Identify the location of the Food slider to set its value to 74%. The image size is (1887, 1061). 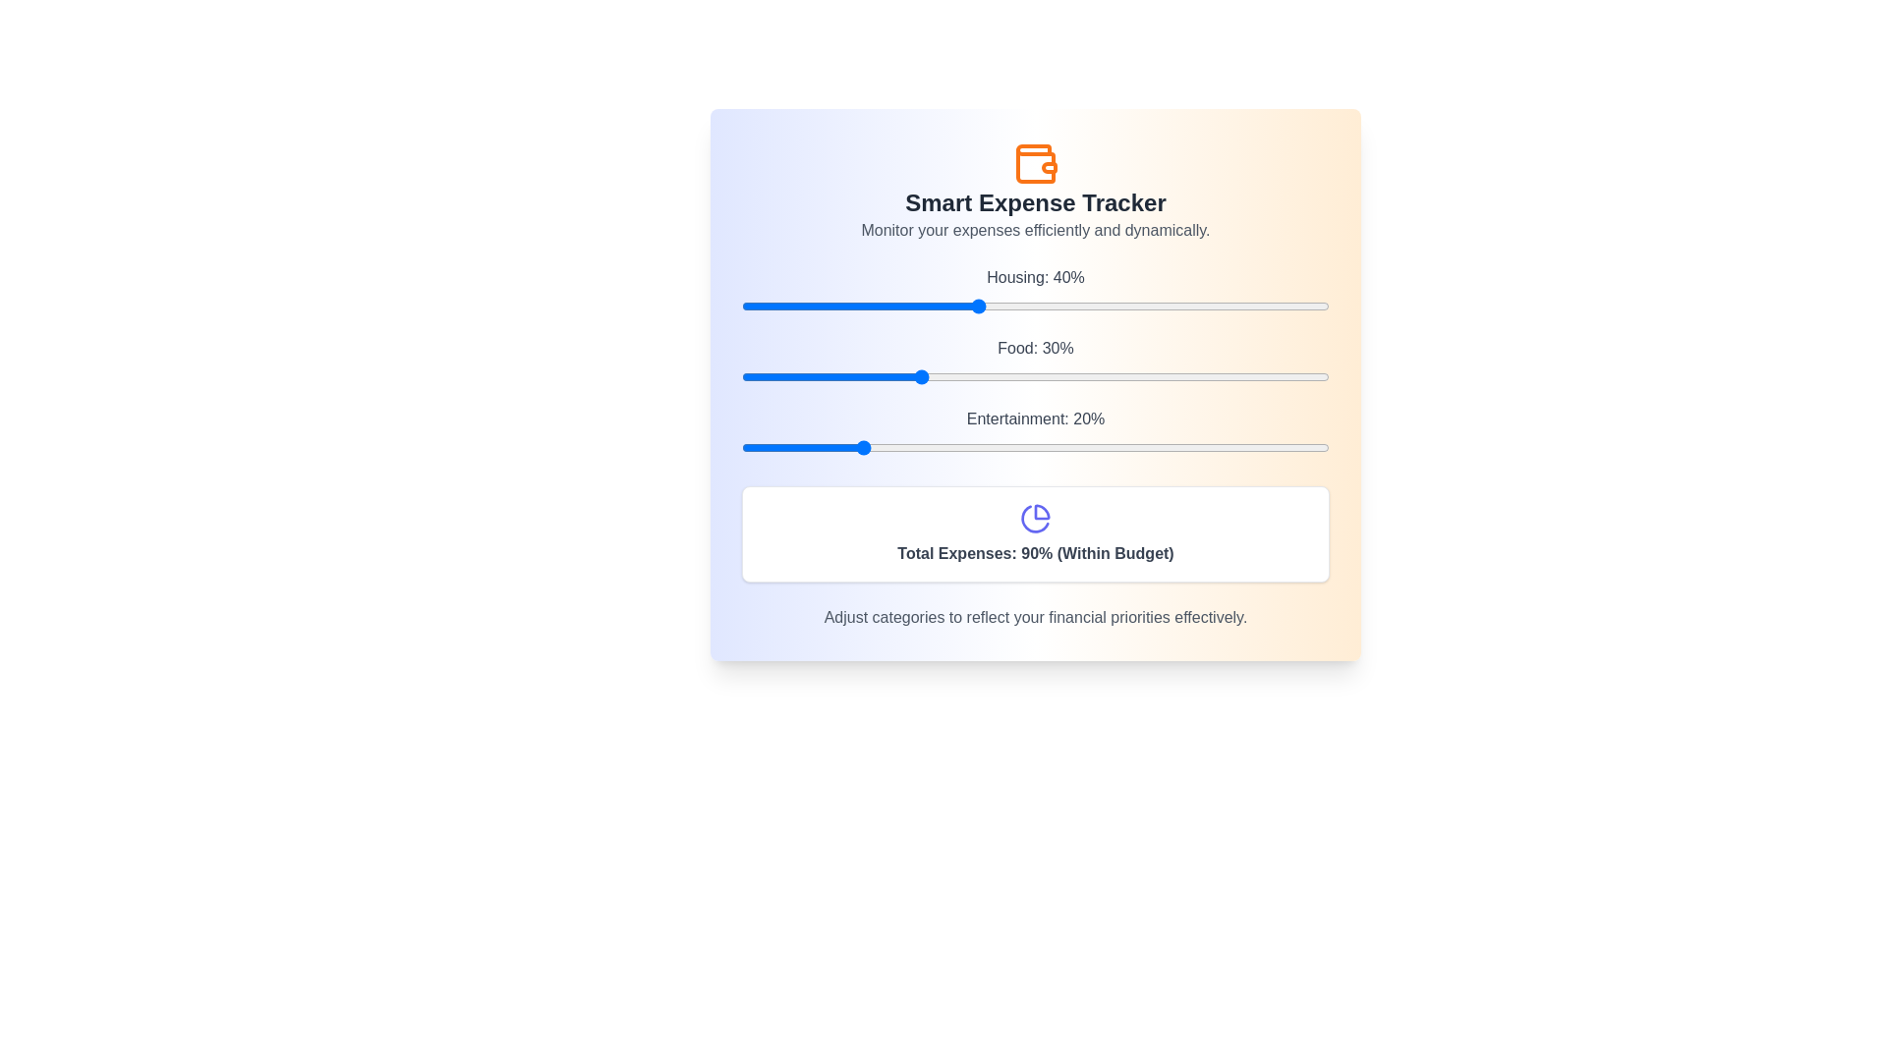
(1176, 377).